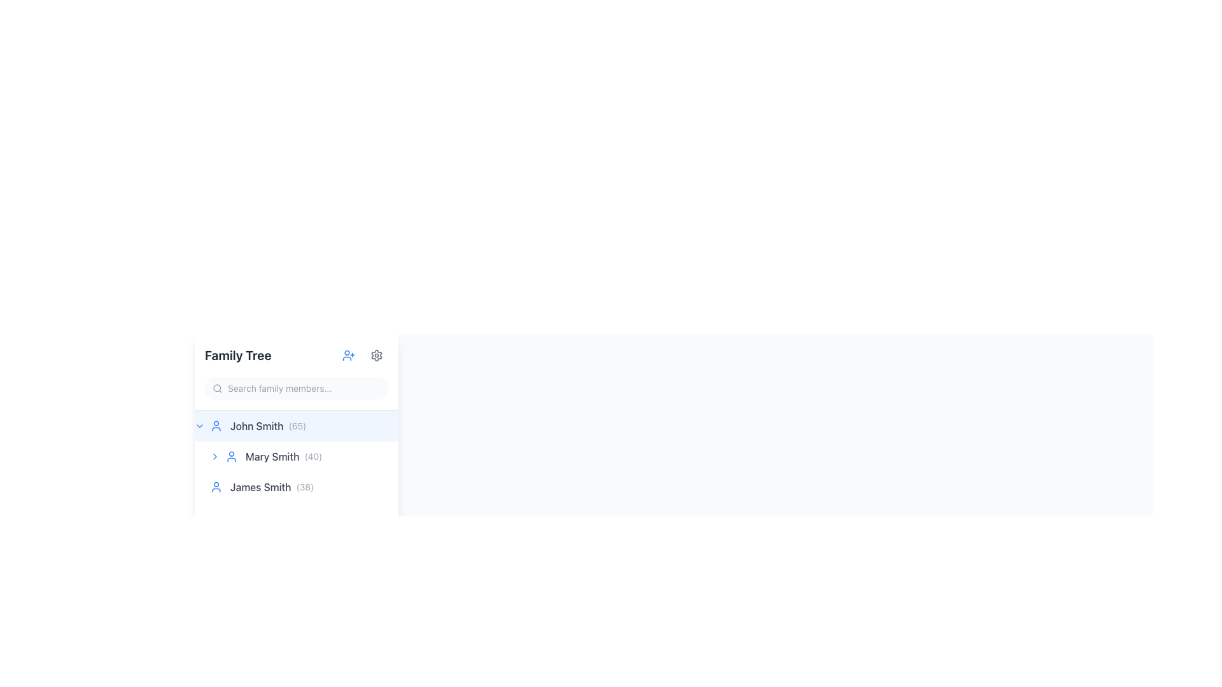 This screenshot has height=687, width=1222. What do you see at coordinates (295, 426) in the screenshot?
I see `the first list item in the family tree interface, which contains the name 'John Smith' and a blue user icon` at bounding box center [295, 426].